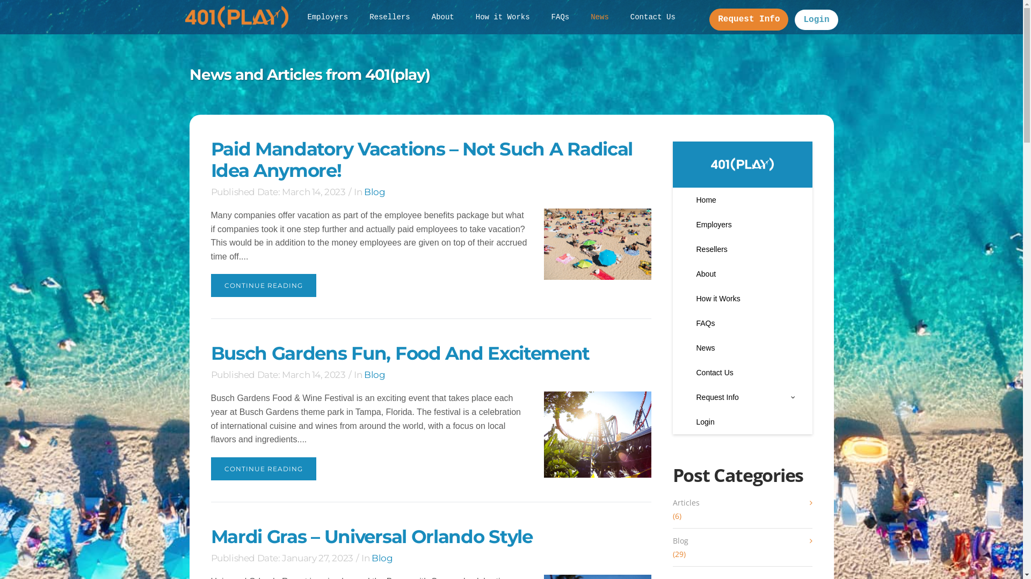 Image resolution: width=1031 pixels, height=579 pixels. I want to click on 'Articles', so click(742, 502).